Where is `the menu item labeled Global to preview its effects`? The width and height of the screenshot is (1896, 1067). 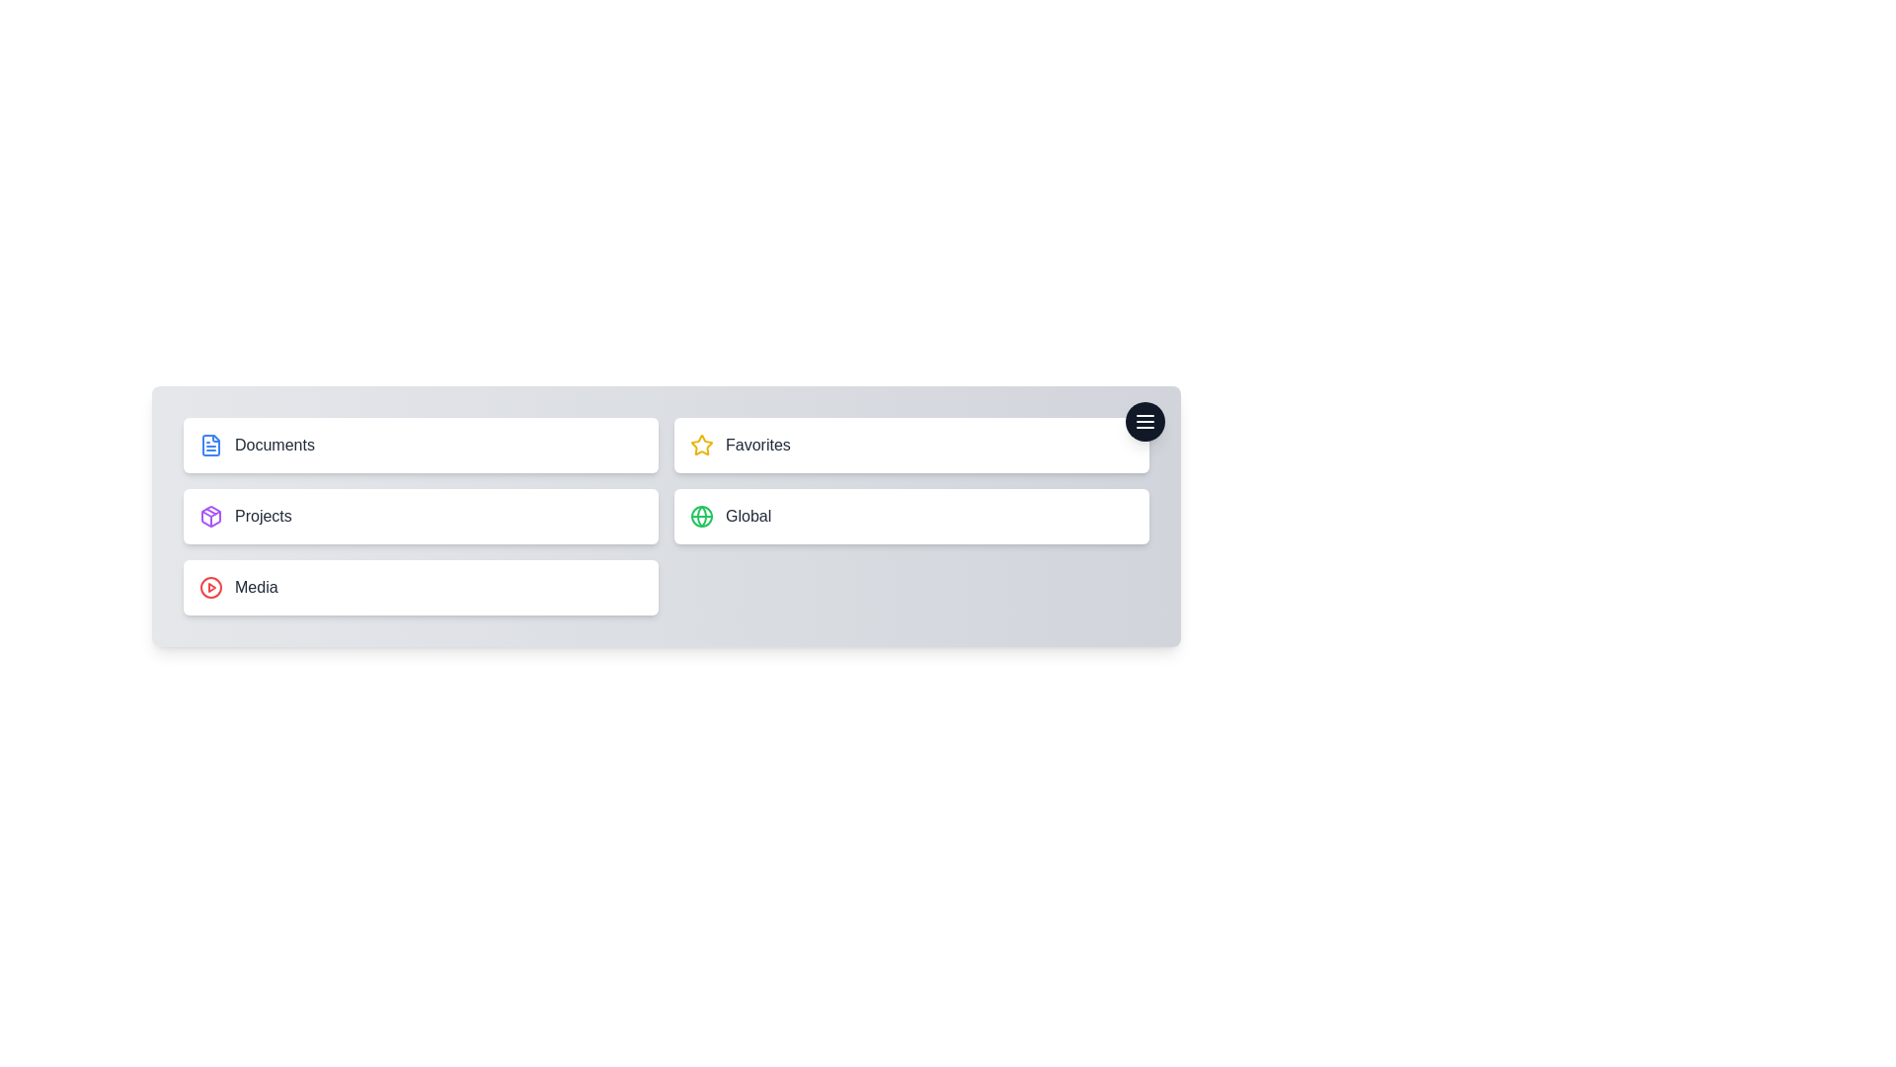
the menu item labeled Global to preview its effects is located at coordinates (910, 516).